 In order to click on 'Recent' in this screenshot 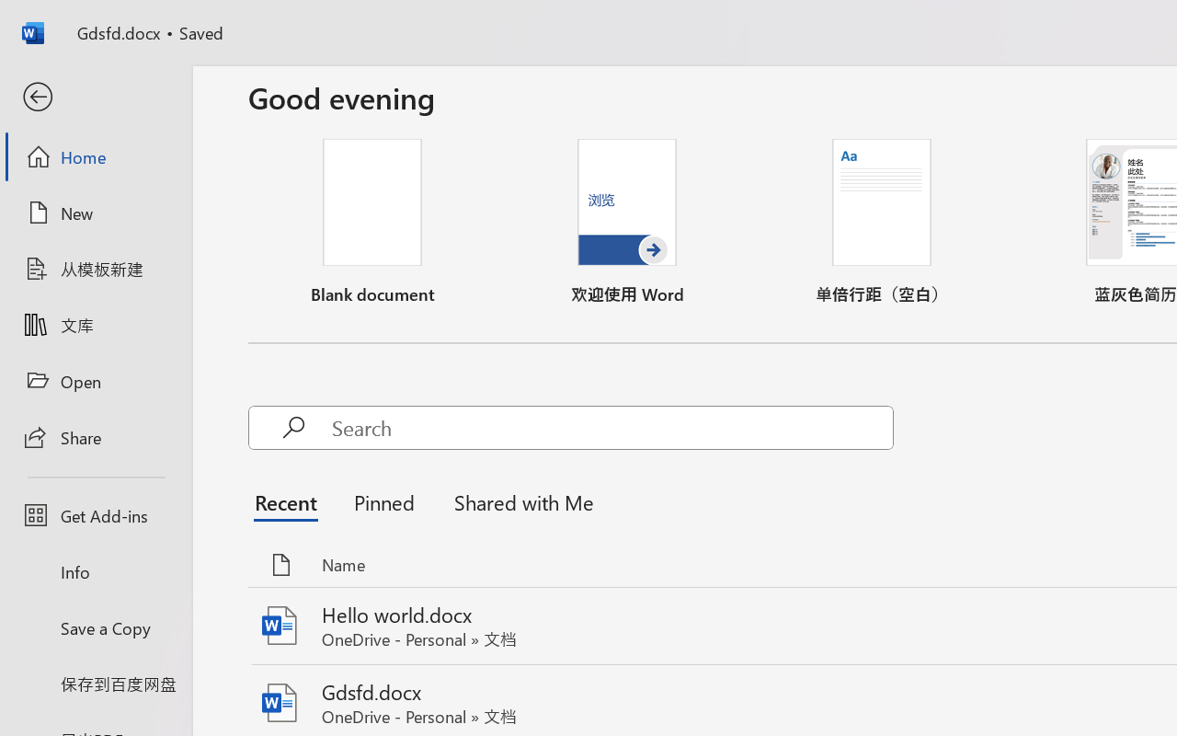, I will do `click(290, 502)`.